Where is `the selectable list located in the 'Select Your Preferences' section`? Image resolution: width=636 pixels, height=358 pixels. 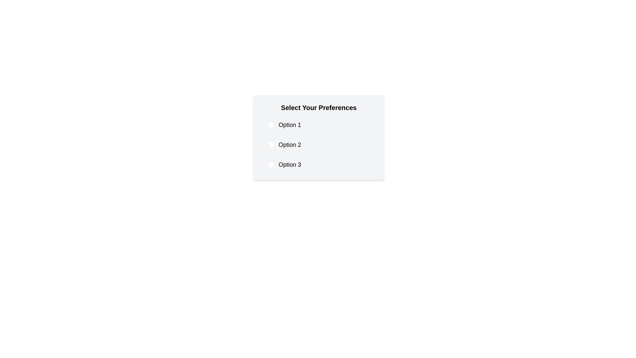 the selectable list located in the 'Select Your Preferences' section is located at coordinates (319, 144).